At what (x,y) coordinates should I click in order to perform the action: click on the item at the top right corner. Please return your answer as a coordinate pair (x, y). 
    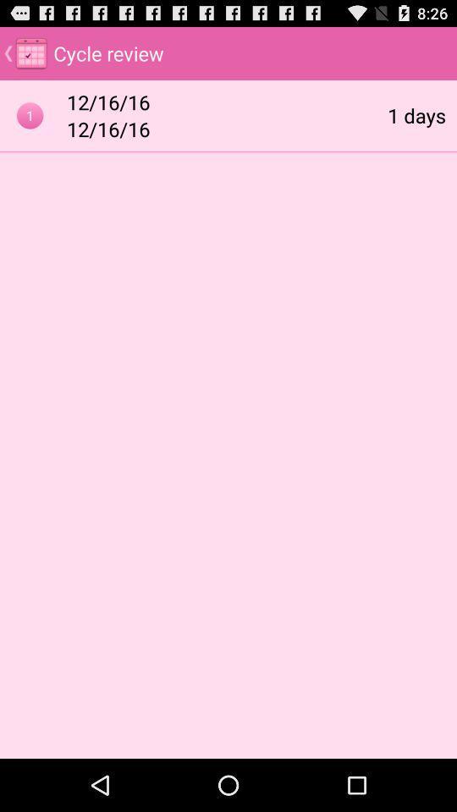
    Looking at the image, I should click on (416, 114).